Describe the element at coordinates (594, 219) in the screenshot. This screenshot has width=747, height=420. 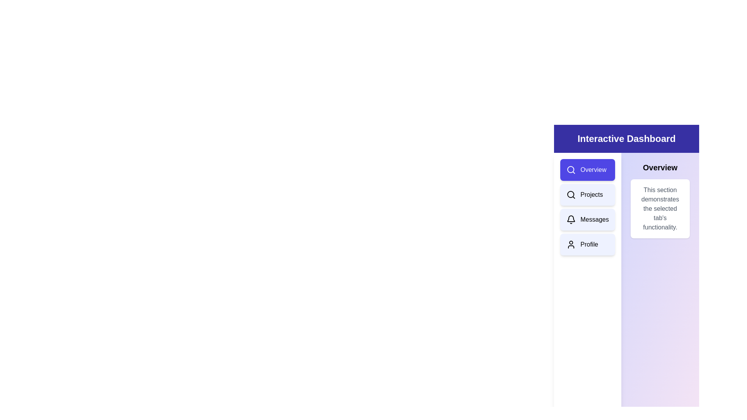
I see `the 'Messages' navigation option in the vertical navigation bar, which is located below the 'Projects' button and above the 'Profile' button` at that location.